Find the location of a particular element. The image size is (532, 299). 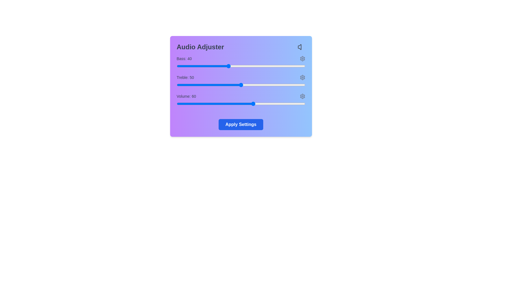

the treble level is located at coordinates (221, 85).